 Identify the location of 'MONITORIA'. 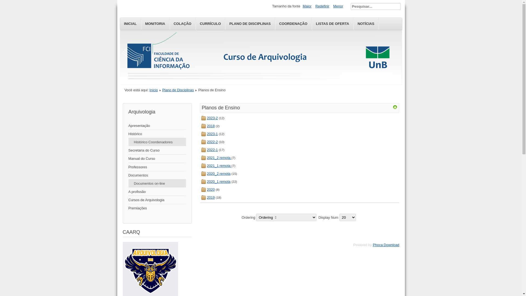
(155, 23).